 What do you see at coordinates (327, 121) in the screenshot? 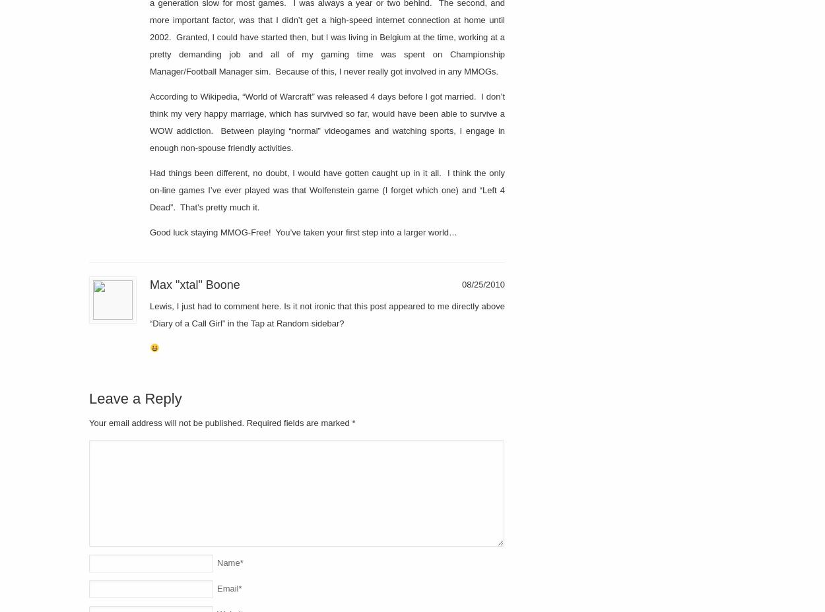
I see `'According to Wikipedia, “World of Warcraft” was released 4 days before I got married.  I don’t think my very happy marriage, which has survived so far, would have been able to survive a WOW addiction.  Between playing “normal” videogames and watching sports, I engage in enough non-spouse friendly activities.'` at bounding box center [327, 121].